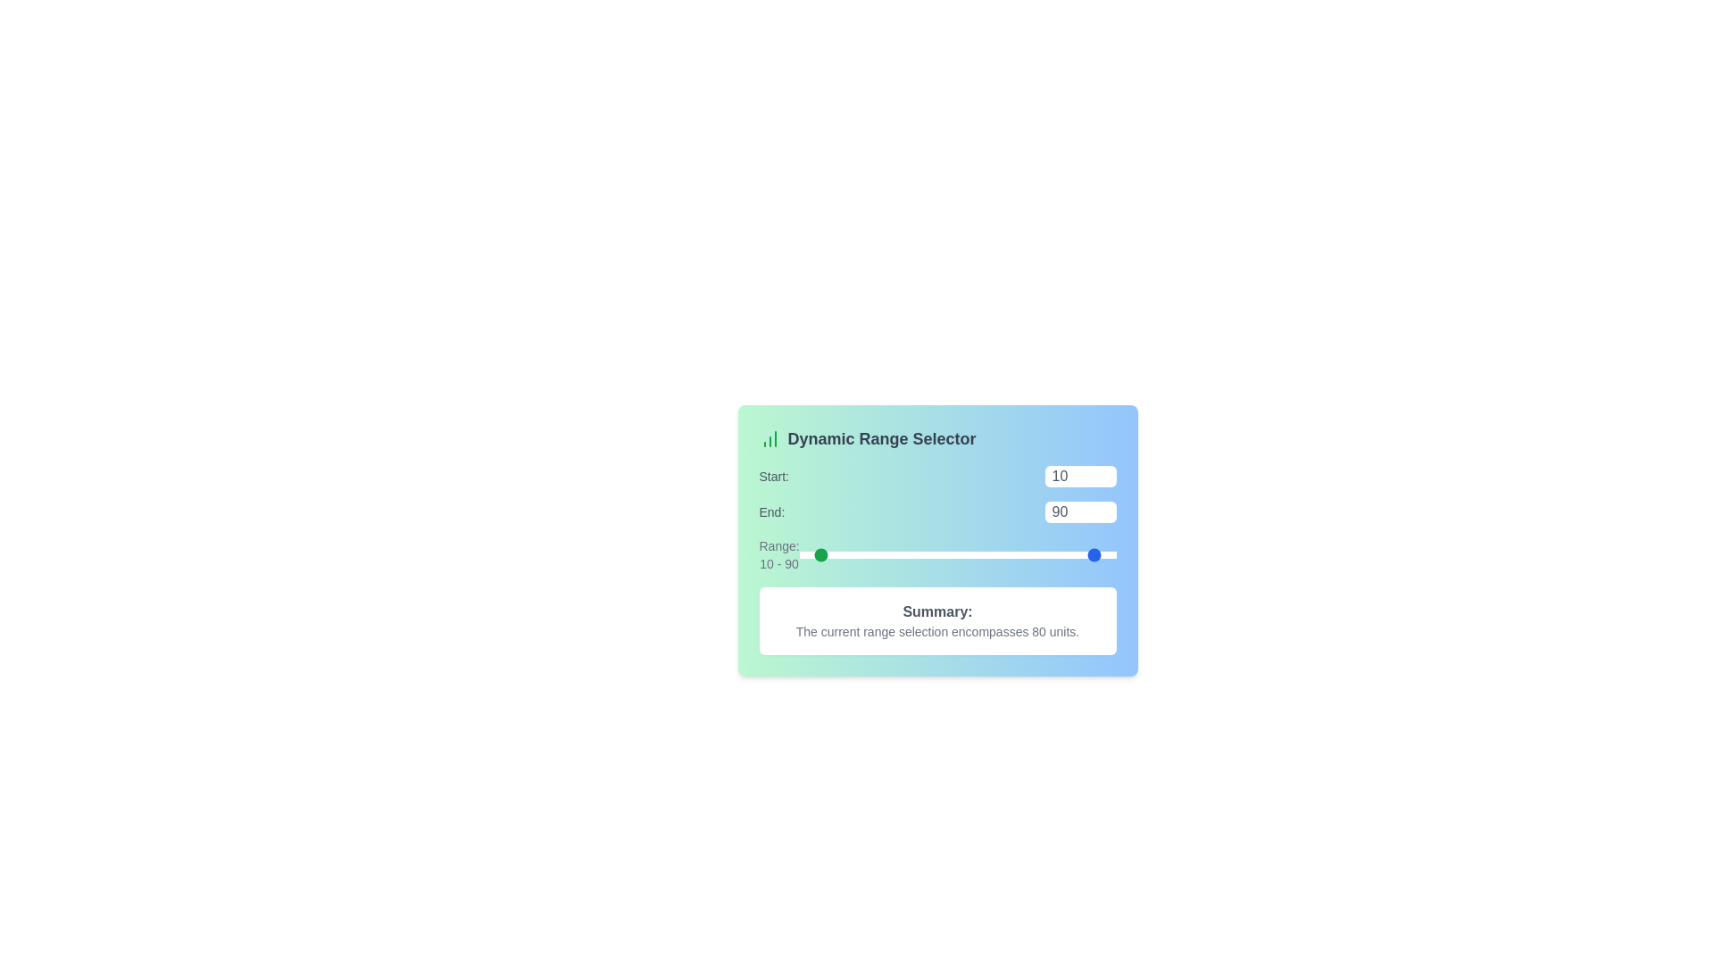 This screenshot has height=964, width=1714. Describe the element at coordinates (1079, 512) in the screenshot. I see `the 'End' range value to 2 using the input box` at that location.